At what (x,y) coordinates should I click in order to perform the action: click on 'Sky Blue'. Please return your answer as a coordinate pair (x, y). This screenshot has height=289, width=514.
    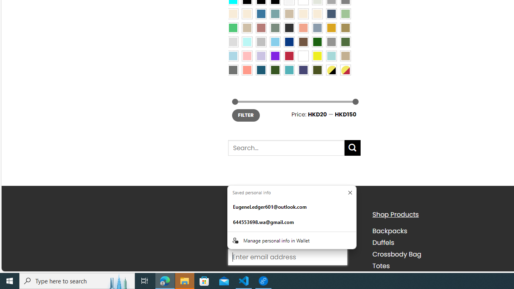
    Looking at the image, I should click on (275, 41).